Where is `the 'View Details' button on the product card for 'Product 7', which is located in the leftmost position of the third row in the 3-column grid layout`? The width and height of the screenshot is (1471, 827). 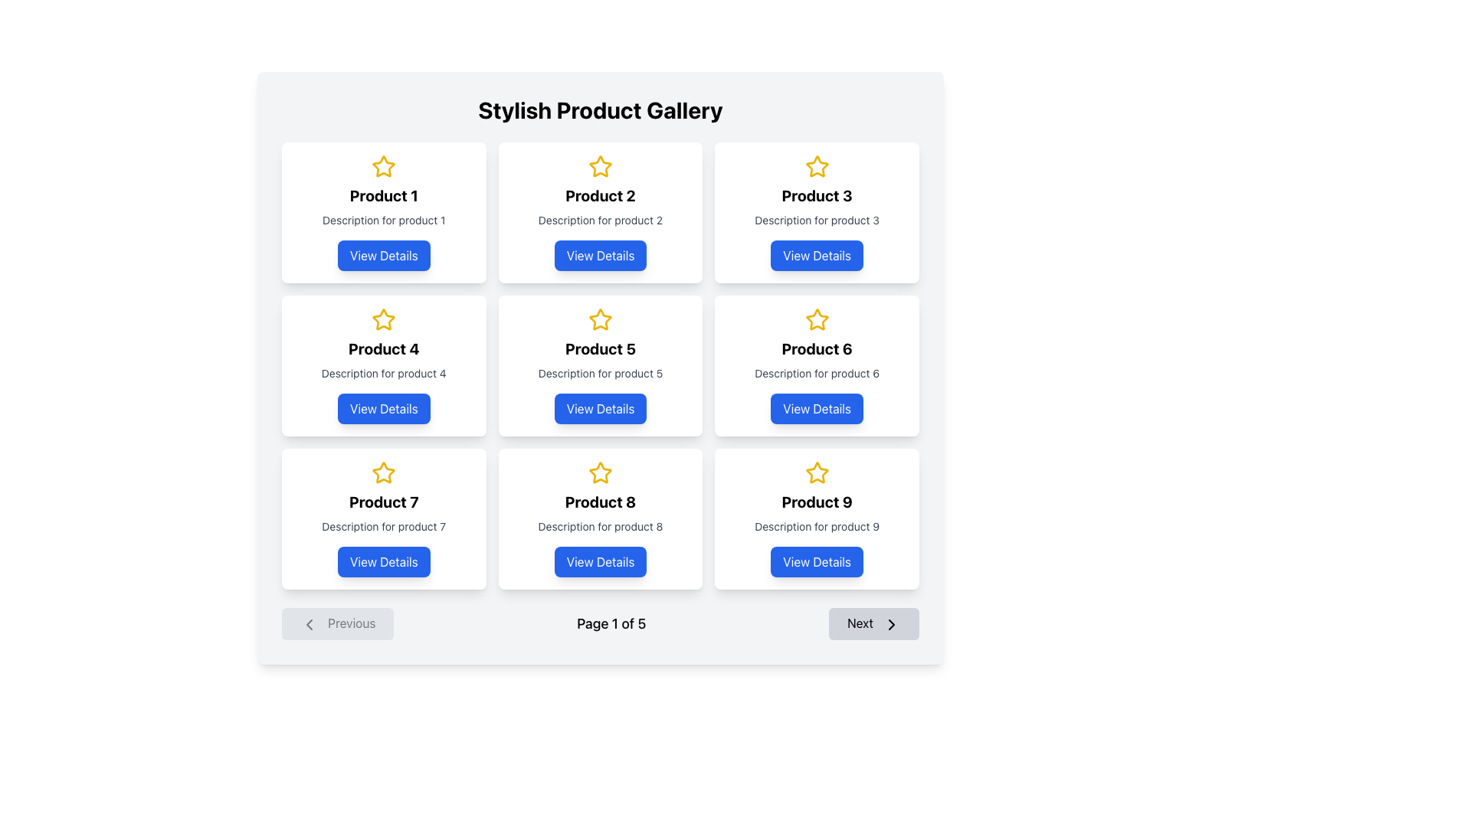 the 'View Details' button on the product card for 'Product 7', which is located in the leftmost position of the third row in the 3-column grid layout is located at coordinates (384, 518).